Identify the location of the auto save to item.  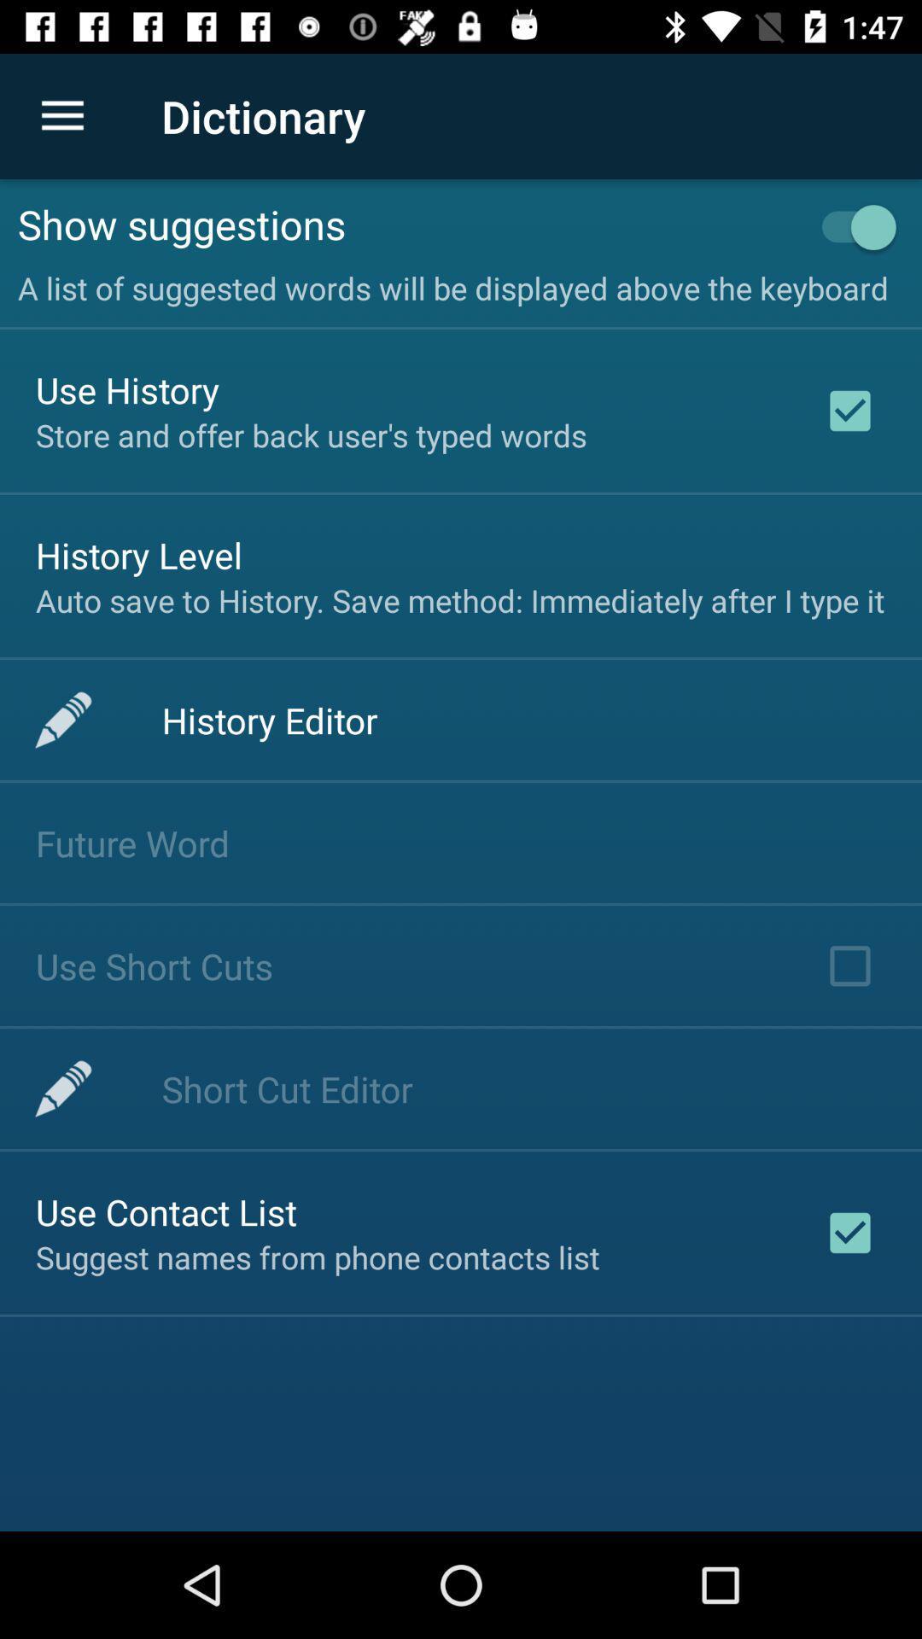
(459, 600).